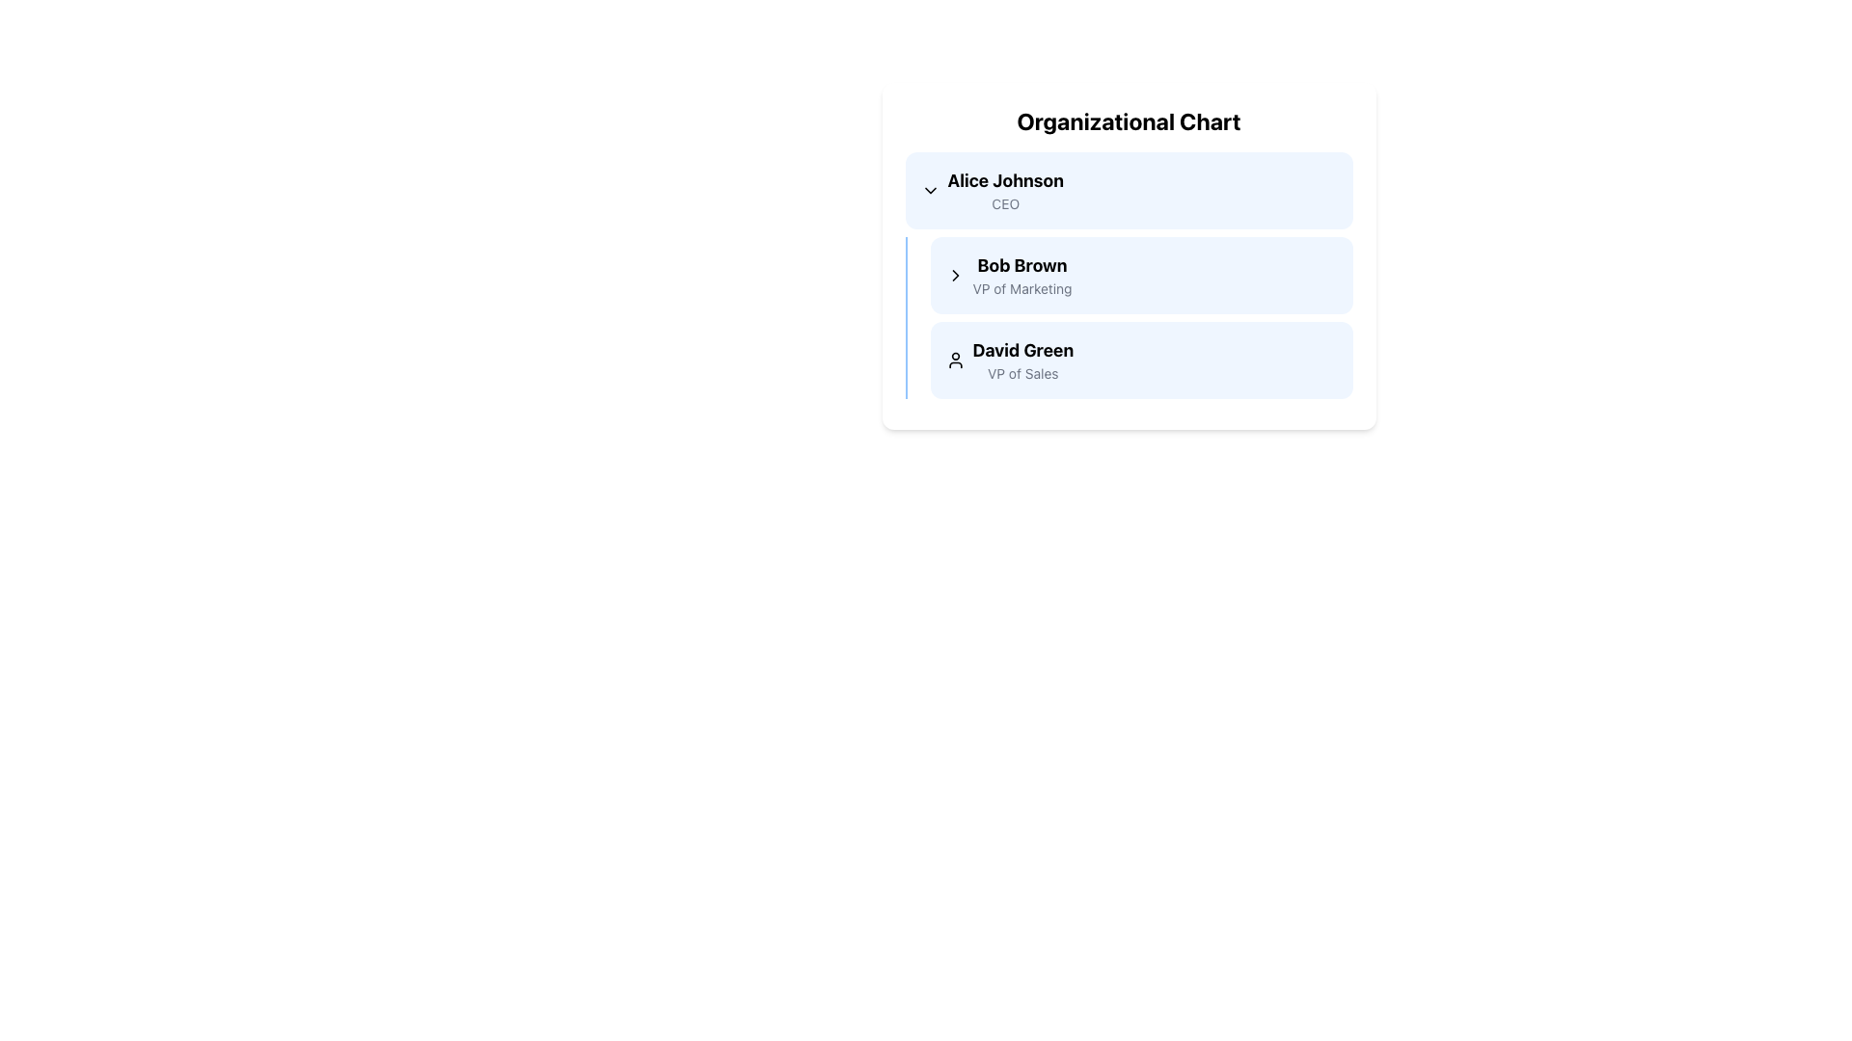 Image resolution: width=1852 pixels, height=1041 pixels. What do you see at coordinates (1141, 360) in the screenshot?
I see `the name 'David Green' in the Information Display Block` at bounding box center [1141, 360].